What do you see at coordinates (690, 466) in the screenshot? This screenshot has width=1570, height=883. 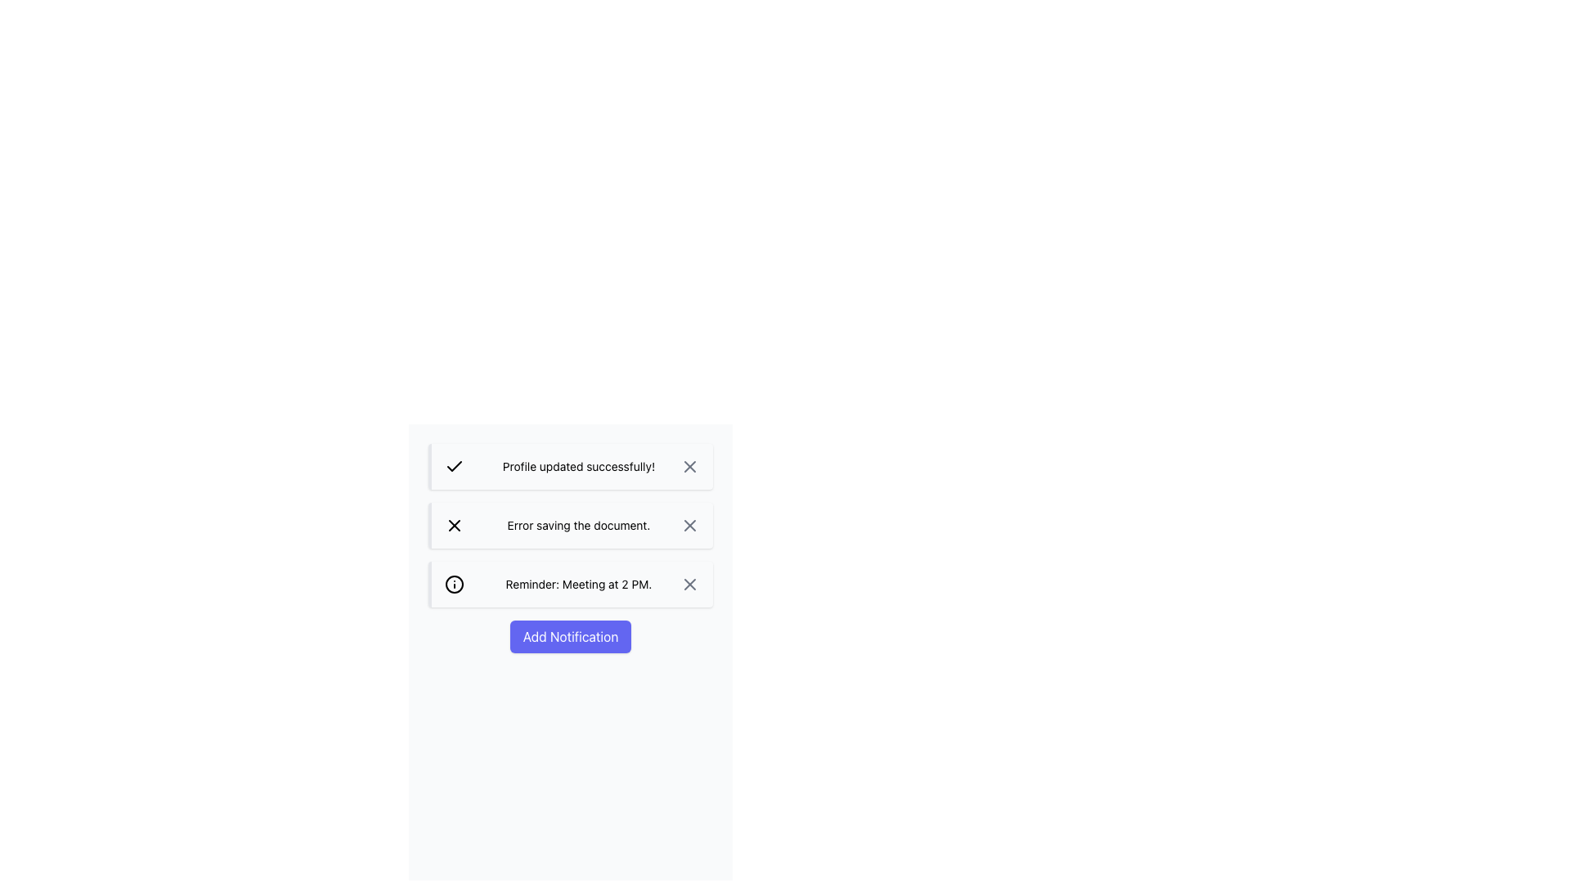 I see `the Close button (interactive icon) located at the rightmost side of the notification bar displaying 'Profile updated successfully!' to observe the hover effect` at bounding box center [690, 466].